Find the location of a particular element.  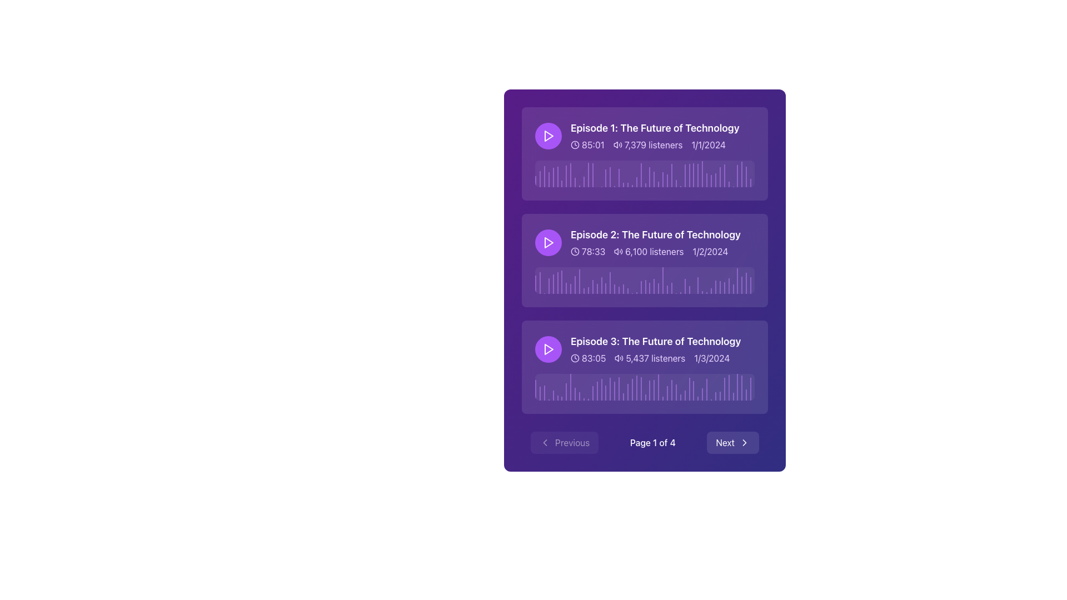

the semi-transparent purple vertical line that represents the graphical marker within the waveform chart, positioned at 66% from the left in the third audio track box is located at coordinates (680, 397).